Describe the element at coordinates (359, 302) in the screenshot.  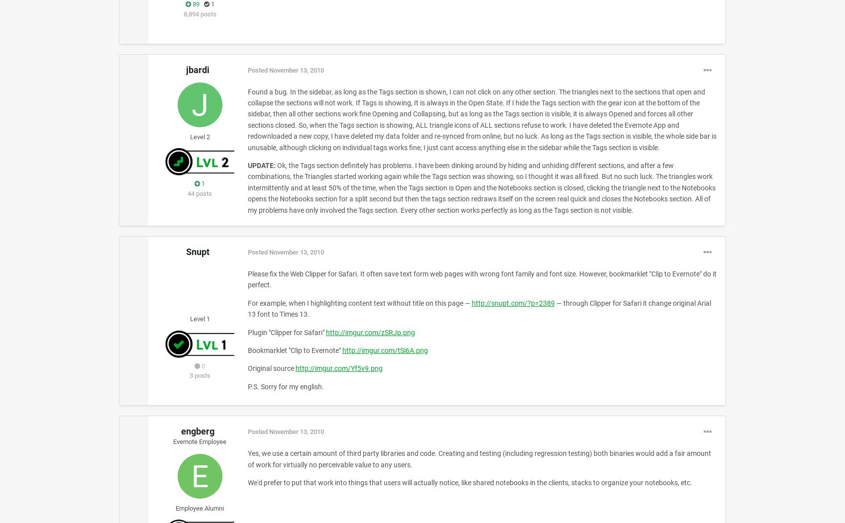
I see `'For example, when I highlighting content text without title on this page —'` at that location.